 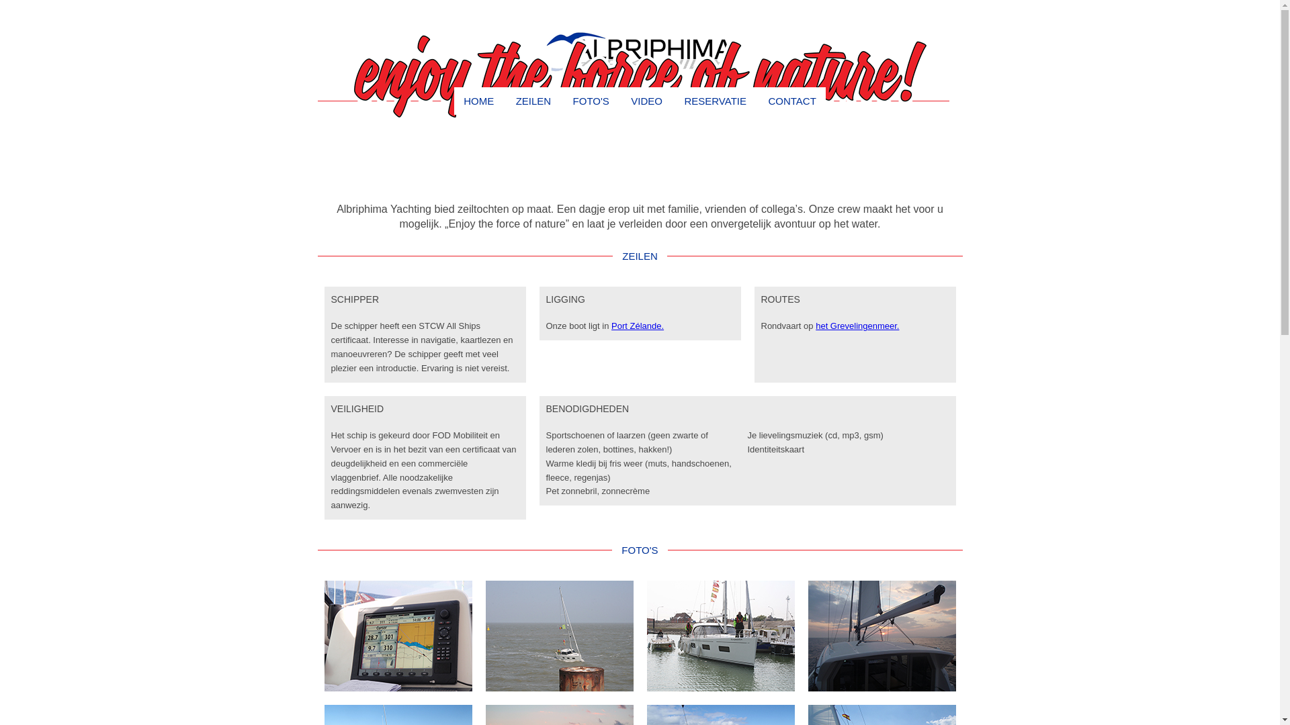 What do you see at coordinates (533, 100) in the screenshot?
I see `'ZEILEN'` at bounding box center [533, 100].